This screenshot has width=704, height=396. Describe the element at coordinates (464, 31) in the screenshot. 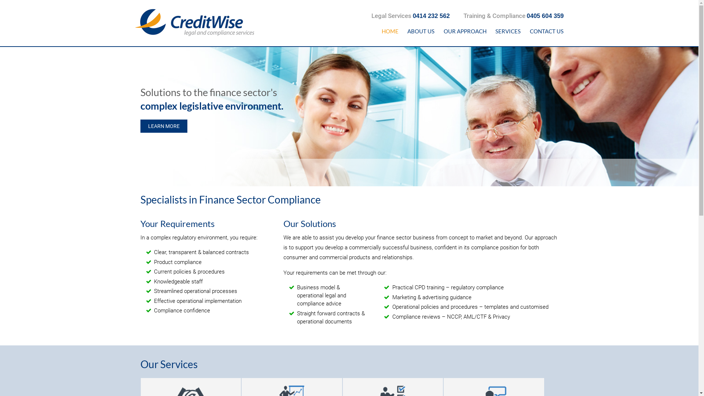

I see `'OUR APPROACH'` at that location.